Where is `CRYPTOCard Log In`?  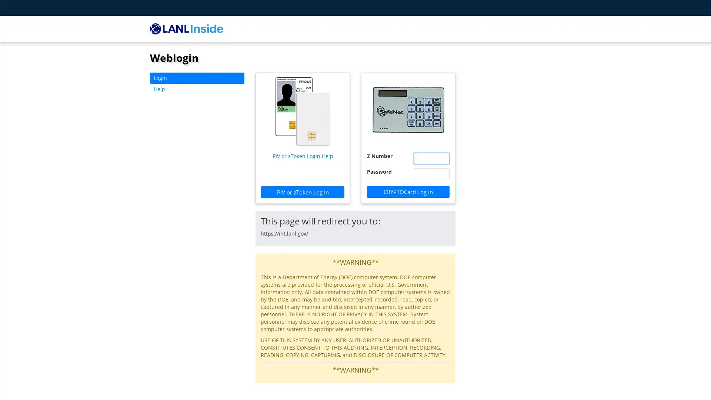
CRYPTOCard Log In is located at coordinates (408, 191).